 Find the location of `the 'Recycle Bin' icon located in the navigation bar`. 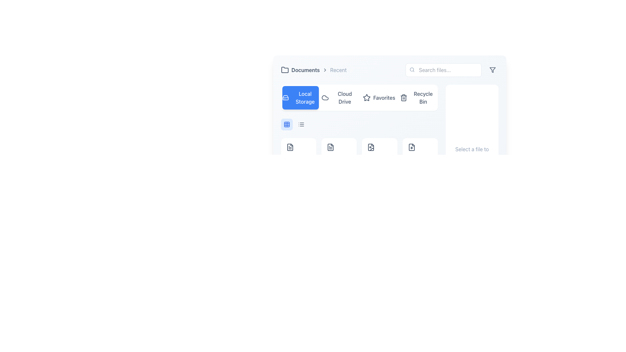

the 'Recycle Bin' icon located in the navigation bar is located at coordinates (403, 98).